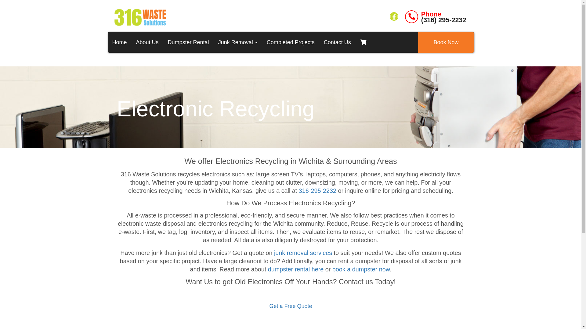 This screenshot has height=329, width=586. What do you see at coordinates (188, 42) in the screenshot?
I see `'Dumpster Rental'` at bounding box center [188, 42].